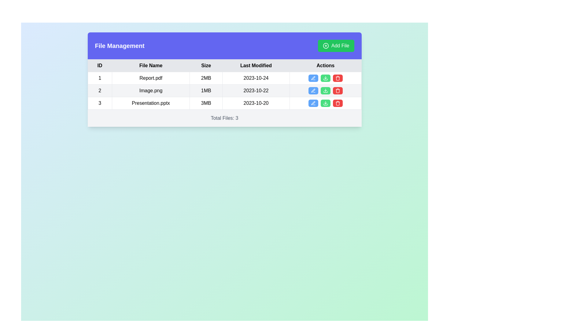 The image size is (587, 330). I want to click on the text label displaying 'Size' in the table header row, positioned between 'File Name' and 'Last Modified', so click(206, 66).